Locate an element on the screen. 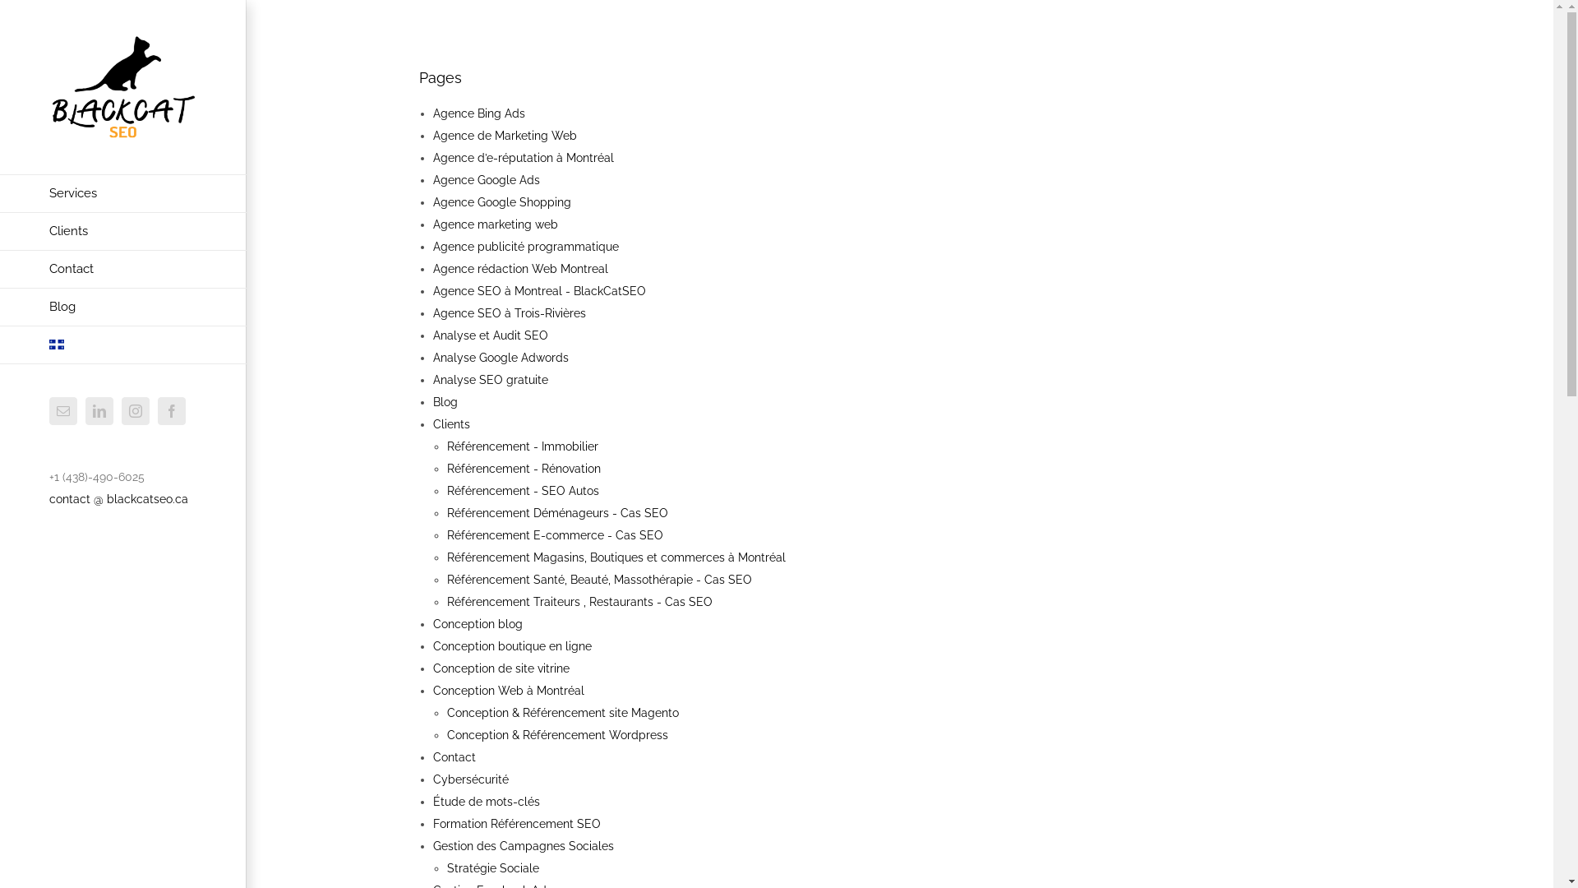 The image size is (1578, 888). 'Conception de site vitrine' is located at coordinates (500, 668).